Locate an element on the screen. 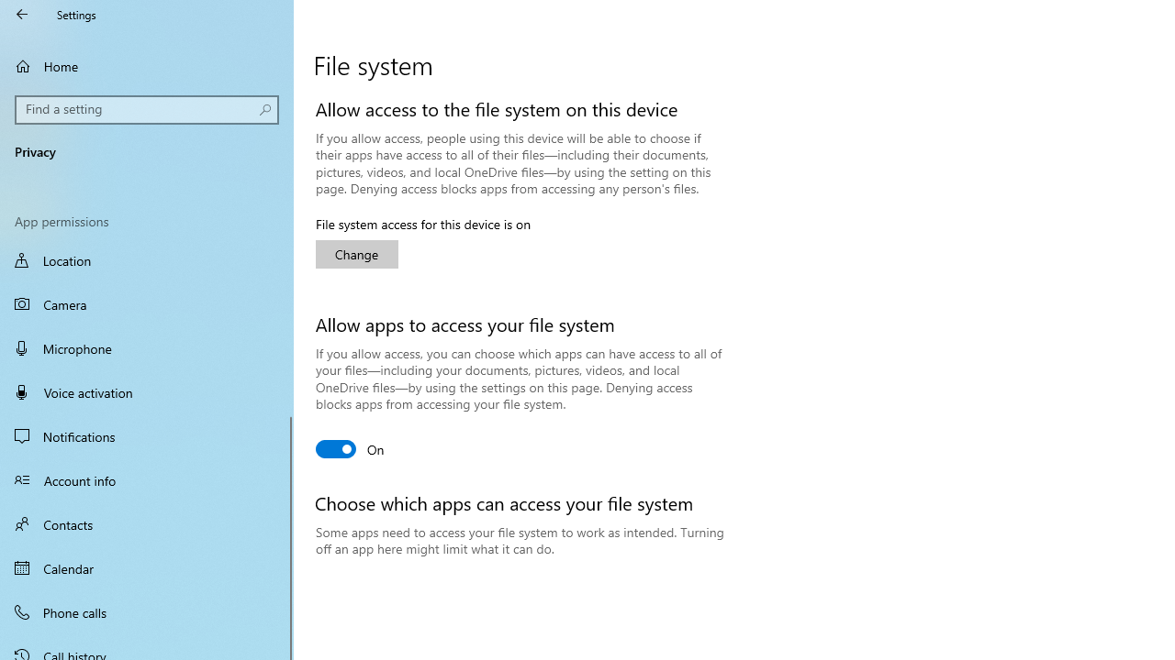  'Account info' is located at coordinates (147, 478).